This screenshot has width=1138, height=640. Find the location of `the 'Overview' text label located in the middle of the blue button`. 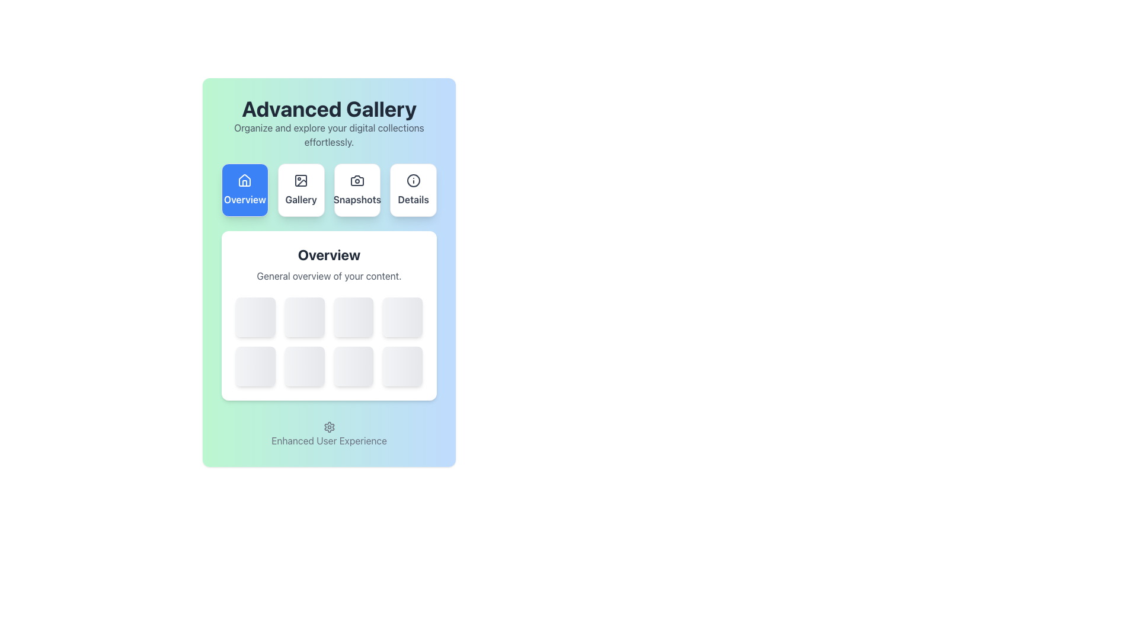

the 'Overview' text label located in the middle of the blue button is located at coordinates (244, 199).